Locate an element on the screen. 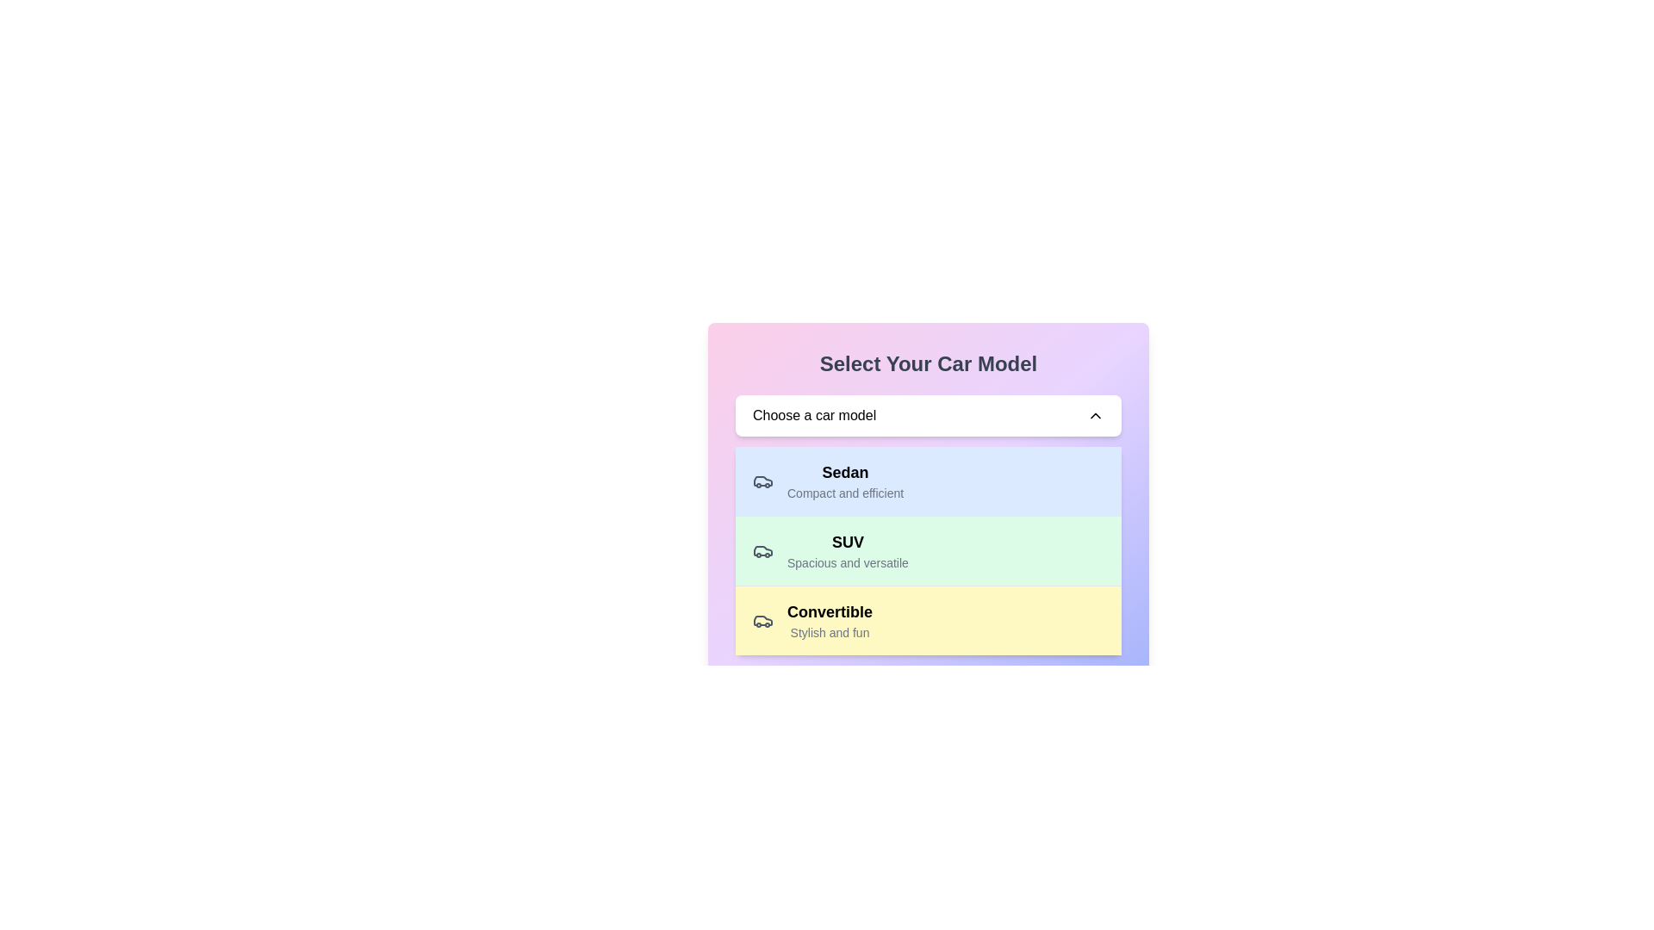  the 'Sedan' text label, which is styled in bold and larger font on a light blue background, located above the description 'Compact and efficient' is located at coordinates (845, 472).